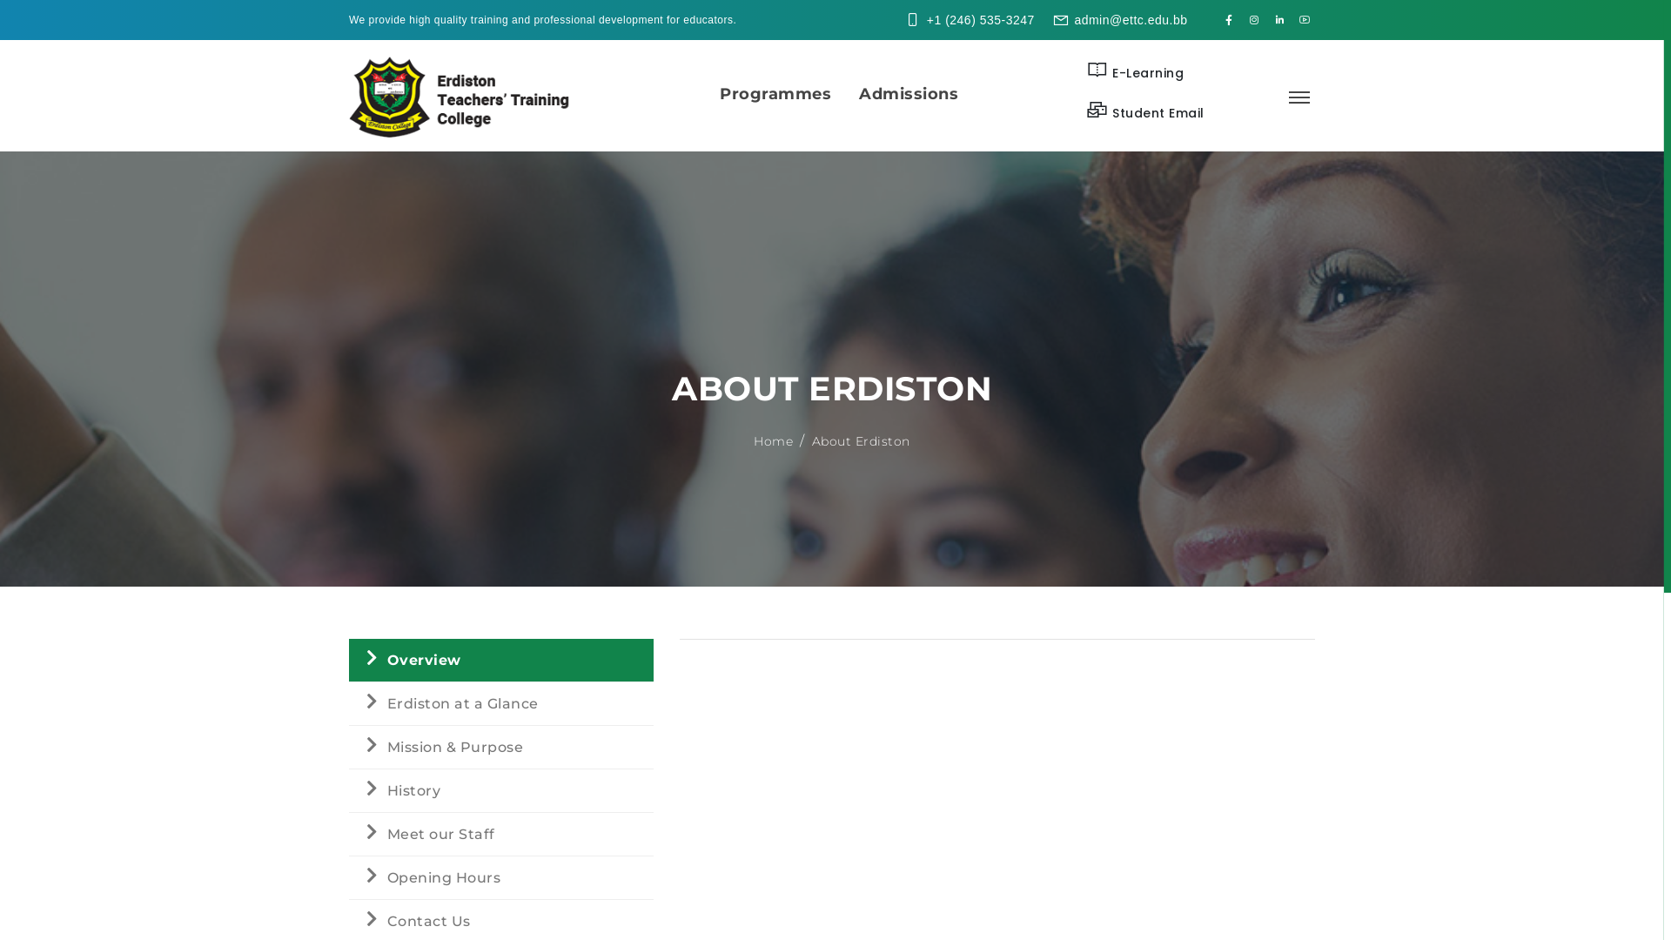 Image resolution: width=1671 pixels, height=940 pixels. What do you see at coordinates (981, 20) in the screenshot?
I see `'+1 (246) 535-3247'` at bounding box center [981, 20].